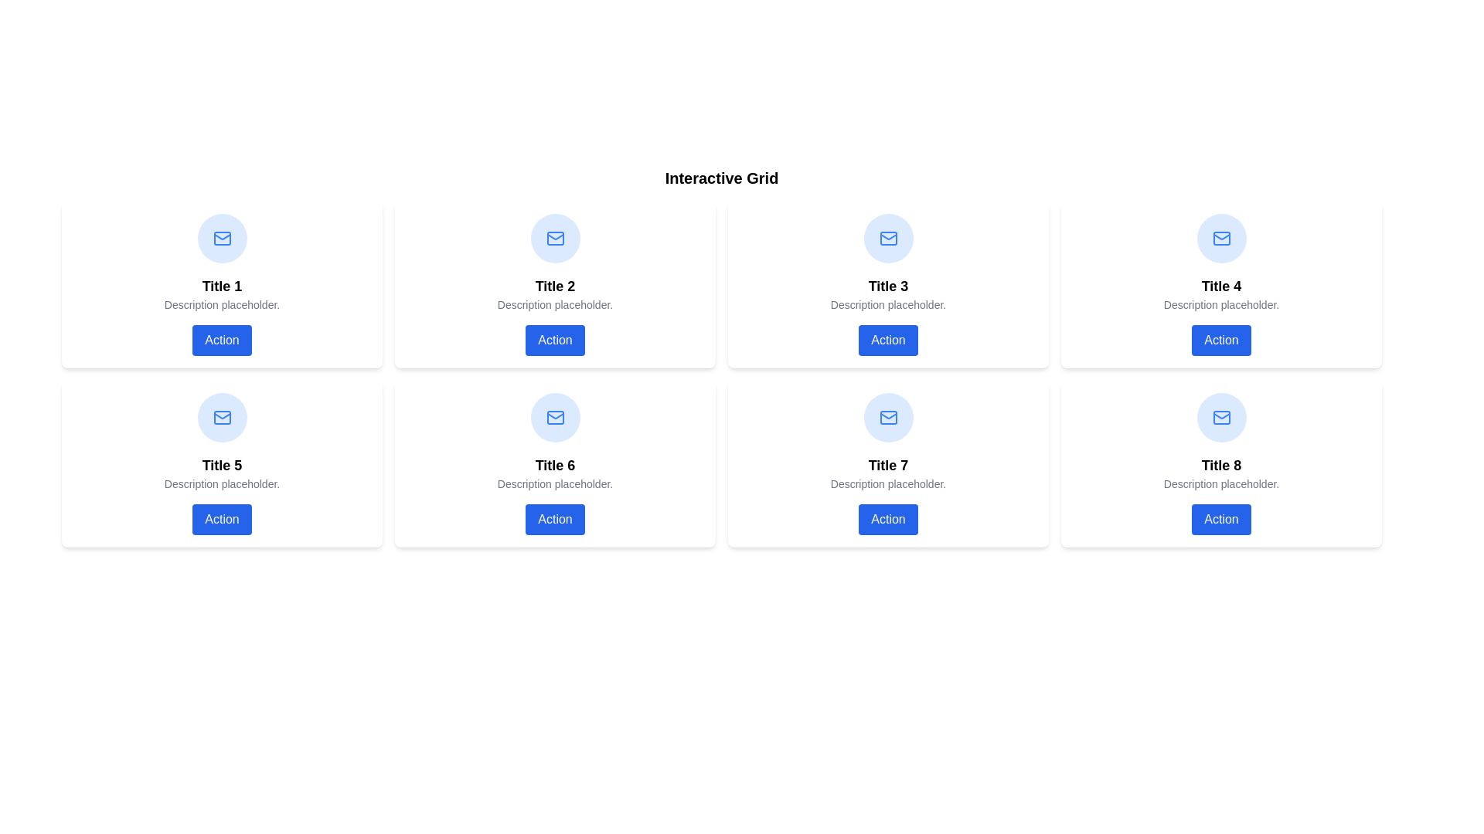 Image resolution: width=1484 pixels, height=834 pixels. Describe the element at coordinates (555, 464) in the screenshot. I see `the text element displaying 'Title 6', which is located in the second row and first column of the grid layout, positioned under an icon and above descriptive text and a button` at that location.